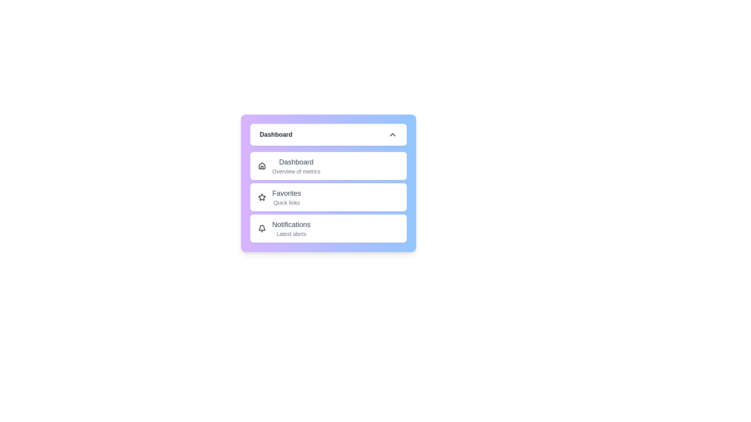 This screenshot has height=422, width=751. Describe the element at coordinates (329, 165) in the screenshot. I see `the menu item Dashboard` at that location.